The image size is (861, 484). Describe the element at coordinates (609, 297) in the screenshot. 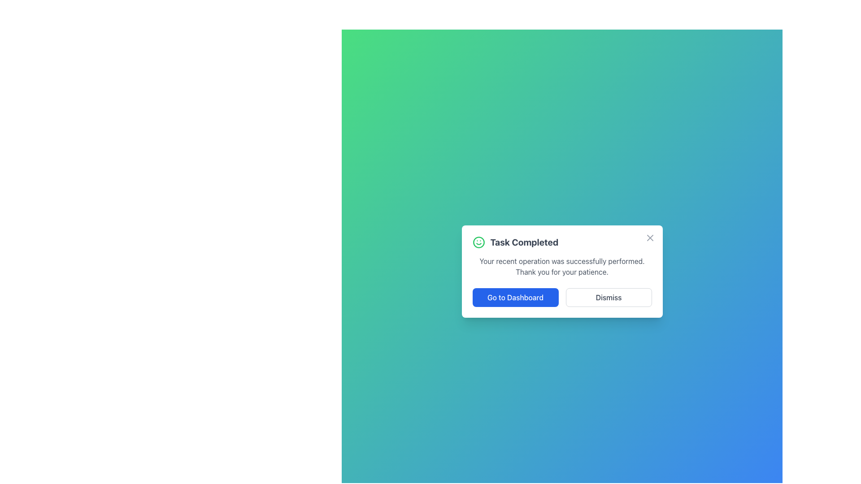

I see `the 'Dismiss' button` at that location.